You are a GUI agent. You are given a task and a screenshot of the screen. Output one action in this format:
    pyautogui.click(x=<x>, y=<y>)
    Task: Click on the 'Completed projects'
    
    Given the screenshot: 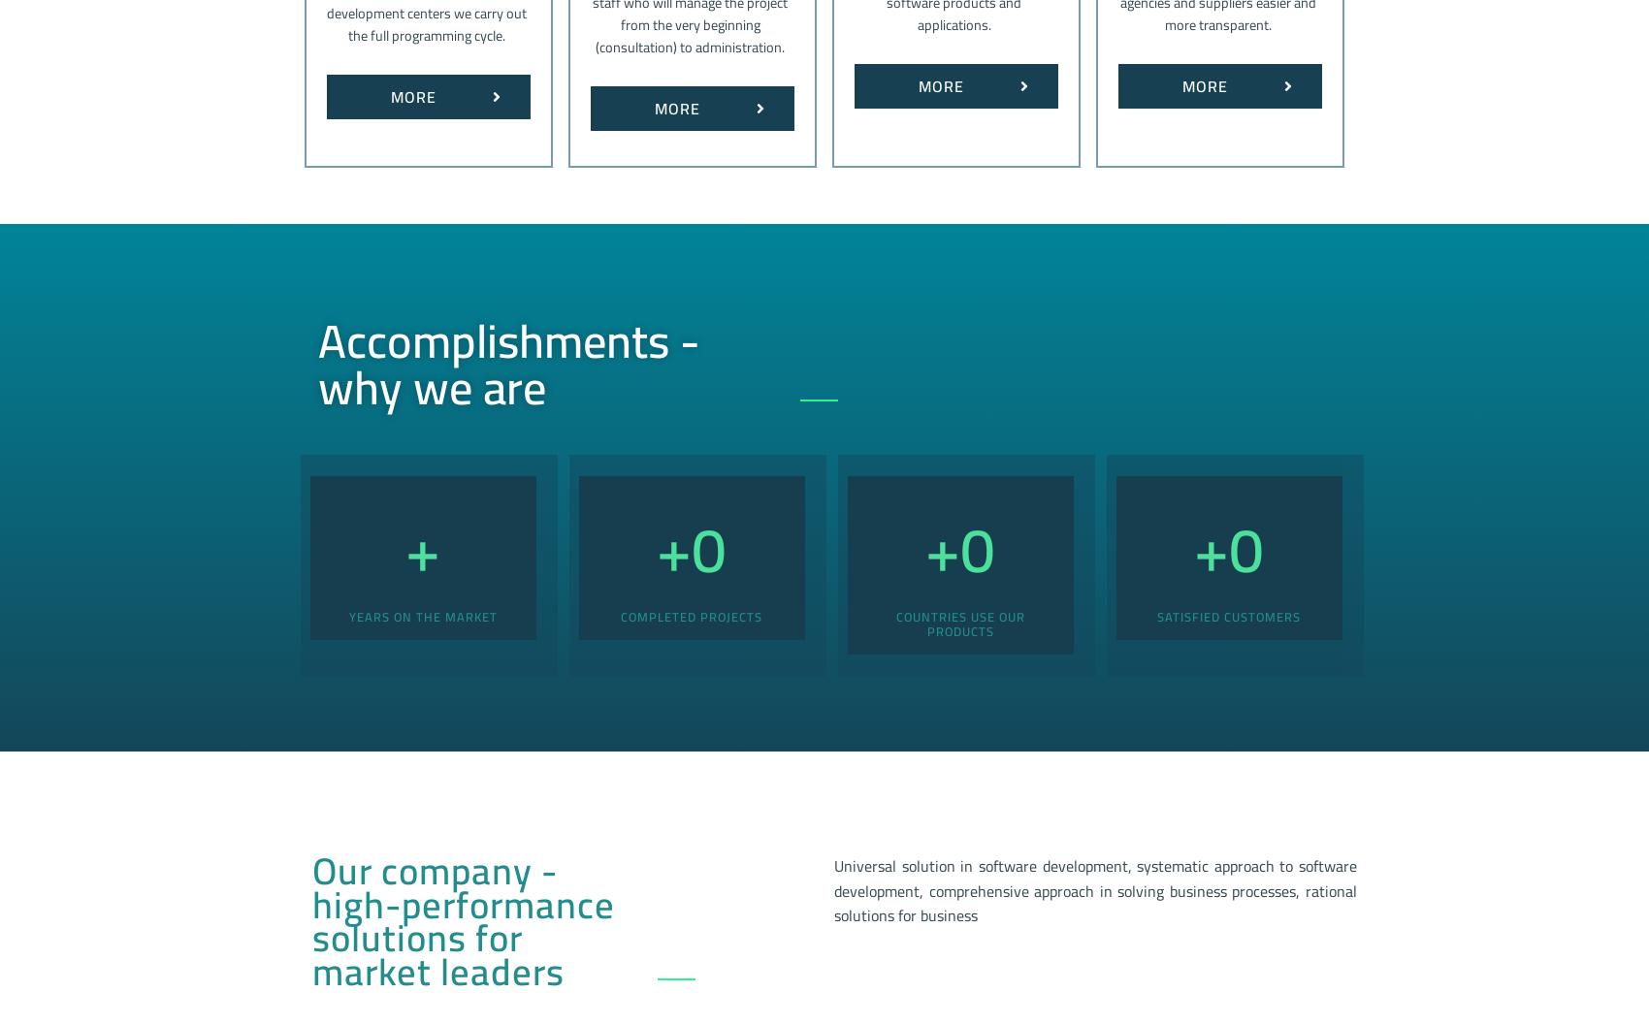 What is the action you would take?
    pyautogui.click(x=691, y=614)
    